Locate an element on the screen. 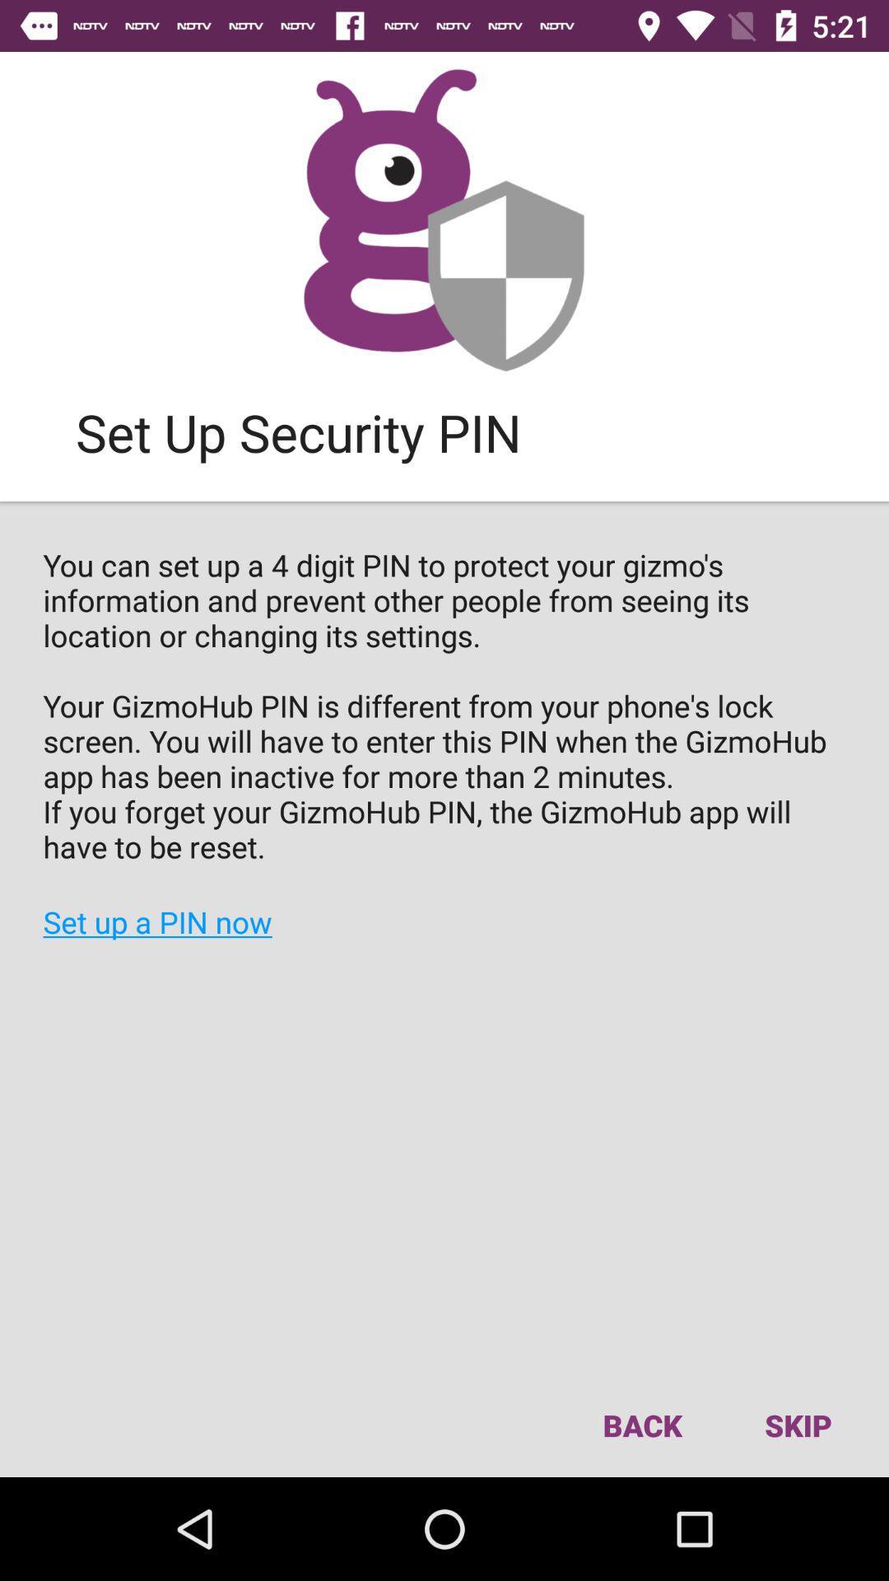  skip icon is located at coordinates (797, 1425).